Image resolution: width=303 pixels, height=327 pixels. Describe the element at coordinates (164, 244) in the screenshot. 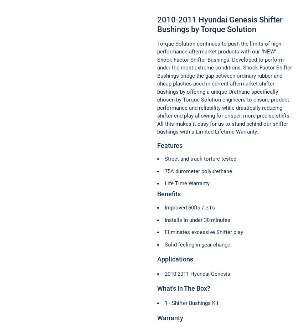

I see `'Solid feeling in gear change'` at that location.